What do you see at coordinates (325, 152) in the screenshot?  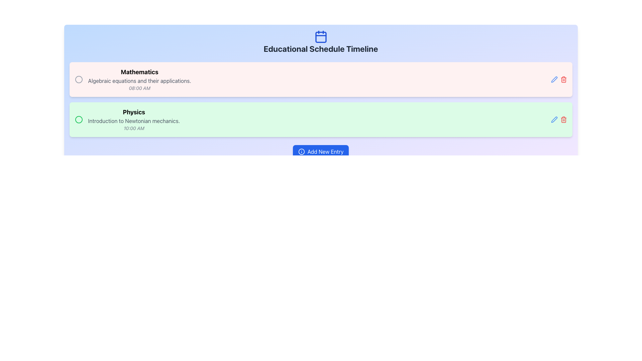 I see `the 'Add New Entry' text on the rounded blue button` at bounding box center [325, 152].